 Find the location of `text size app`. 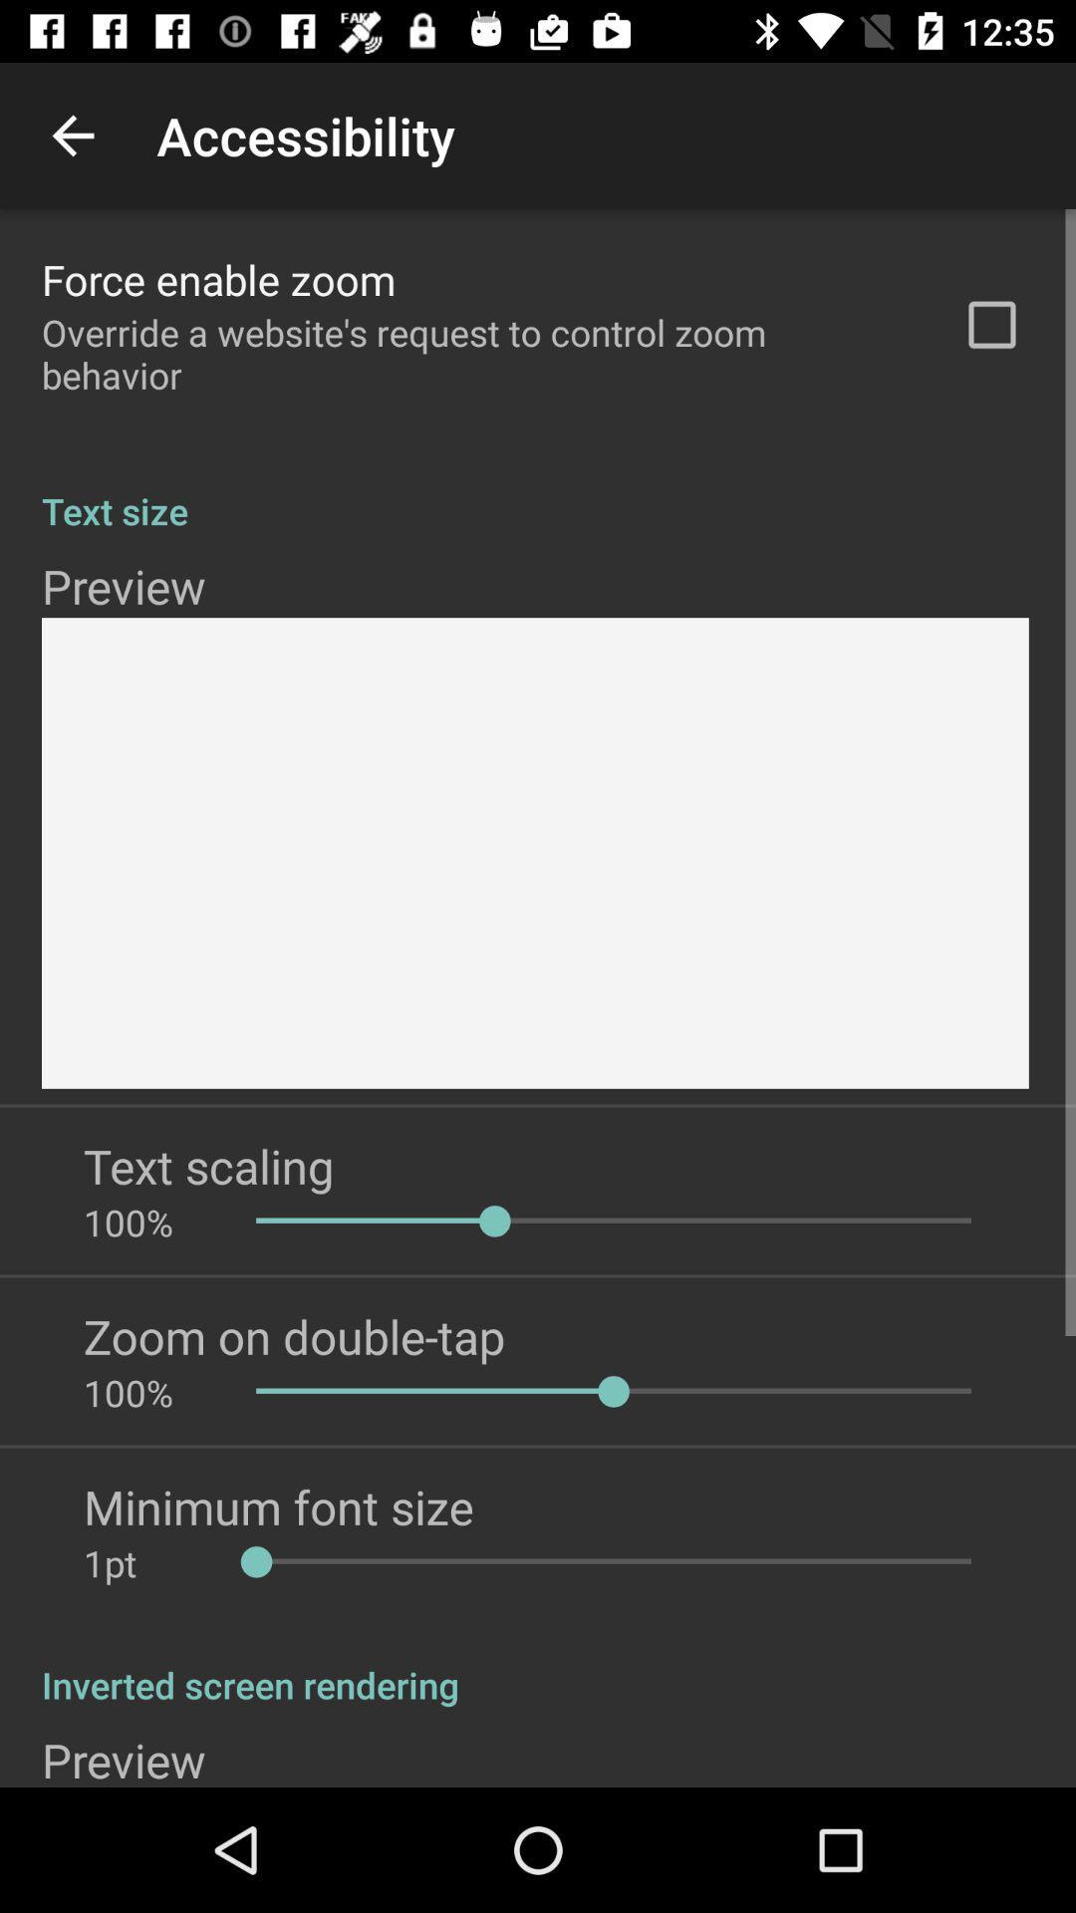

text size app is located at coordinates (538, 489).